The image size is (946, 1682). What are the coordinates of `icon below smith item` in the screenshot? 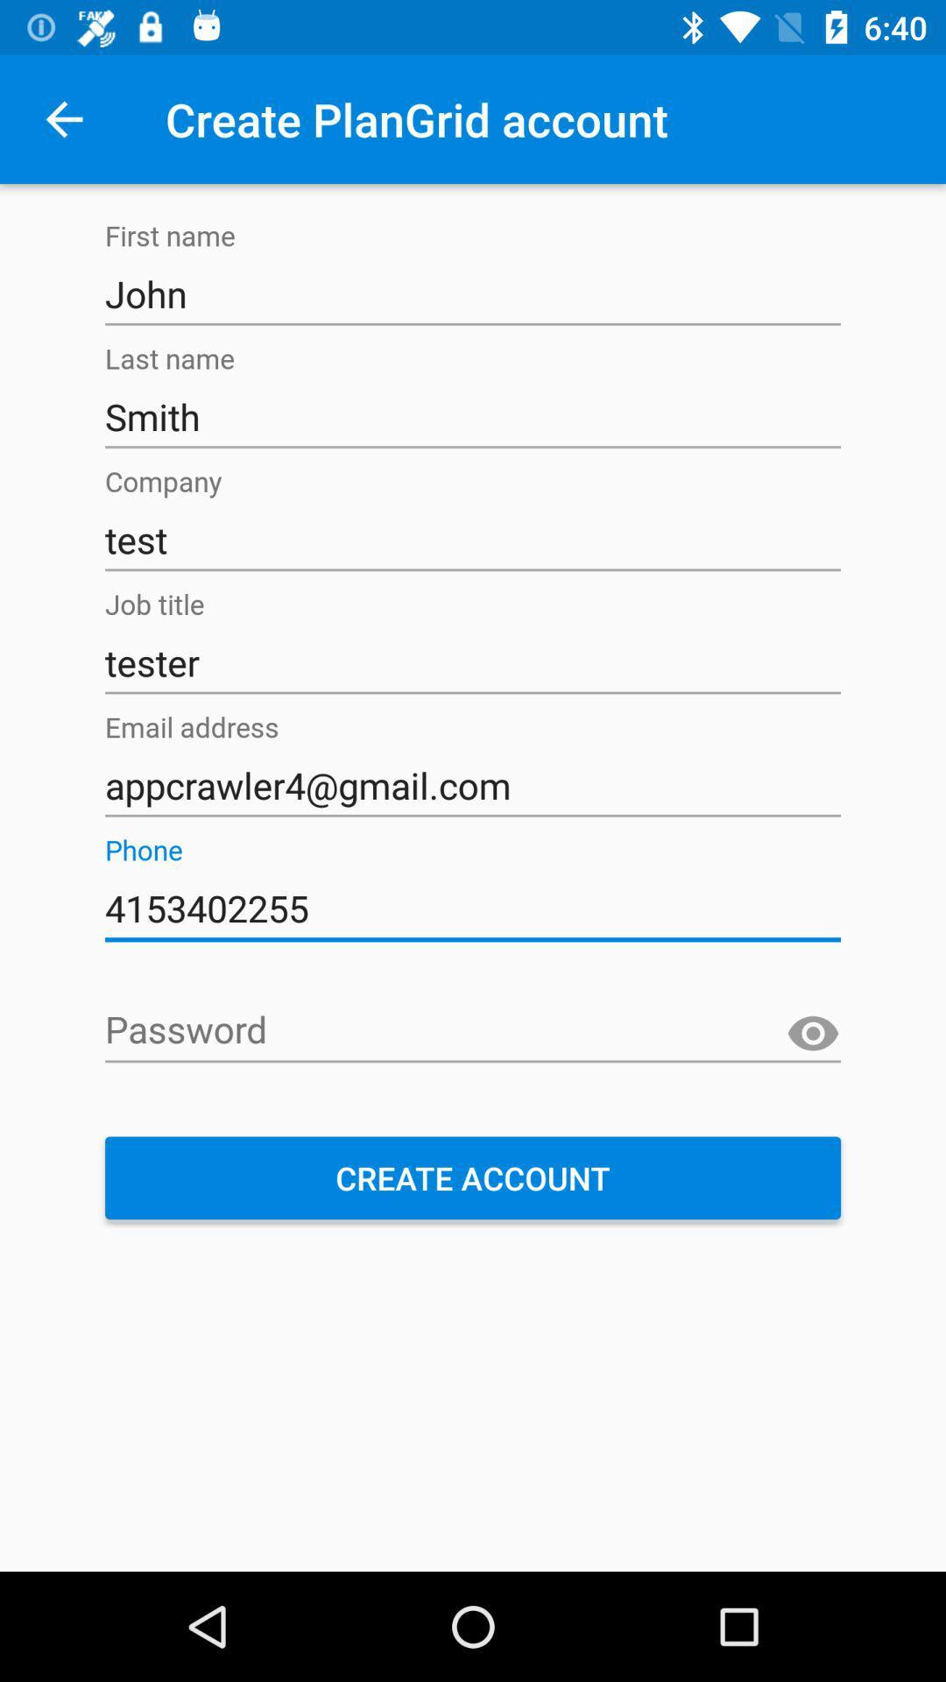 It's located at (473, 539).